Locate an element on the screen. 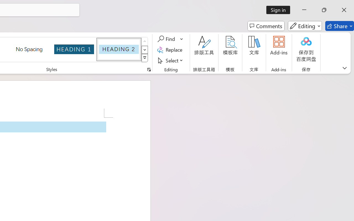  'Editing' is located at coordinates (304, 26).